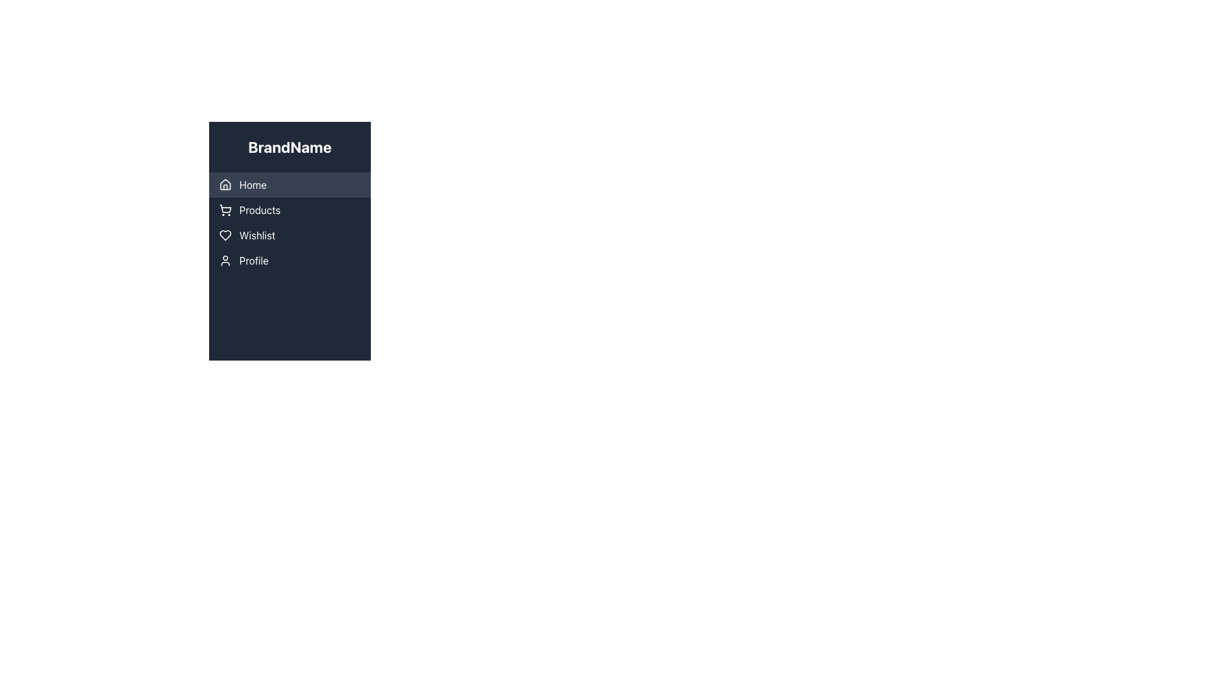 The image size is (1213, 682). I want to click on the 'Profile' label in the sidebar navigation, which is the last menu entry and positioned to the right of the user icon within the fourth item of the vertical navigation list, so click(253, 260).